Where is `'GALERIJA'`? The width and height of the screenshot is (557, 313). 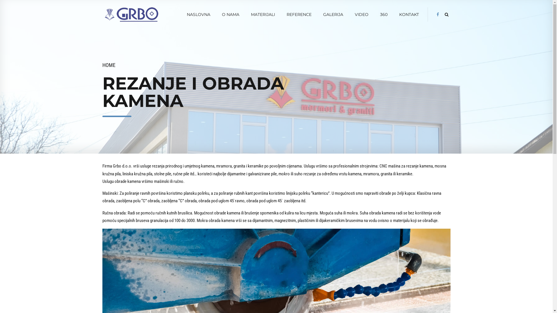 'GALERIJA' is located at coordinates (323, 14).